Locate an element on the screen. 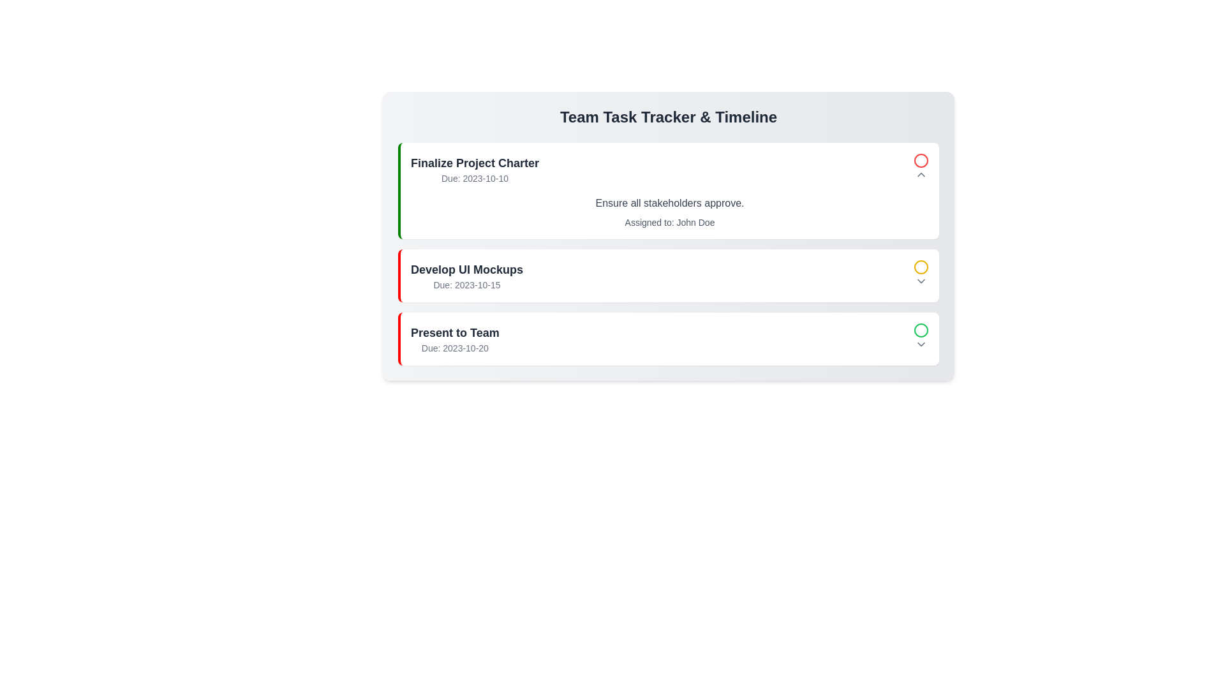 Image resolution: width=1225 pixels, height=689 pixels. the green circular icon representing a completed task with a downward-pointing gray arrow, located at the right edge of the 'Present to Team' task card, which is the third task in the list is located at coordinates (921, 338).